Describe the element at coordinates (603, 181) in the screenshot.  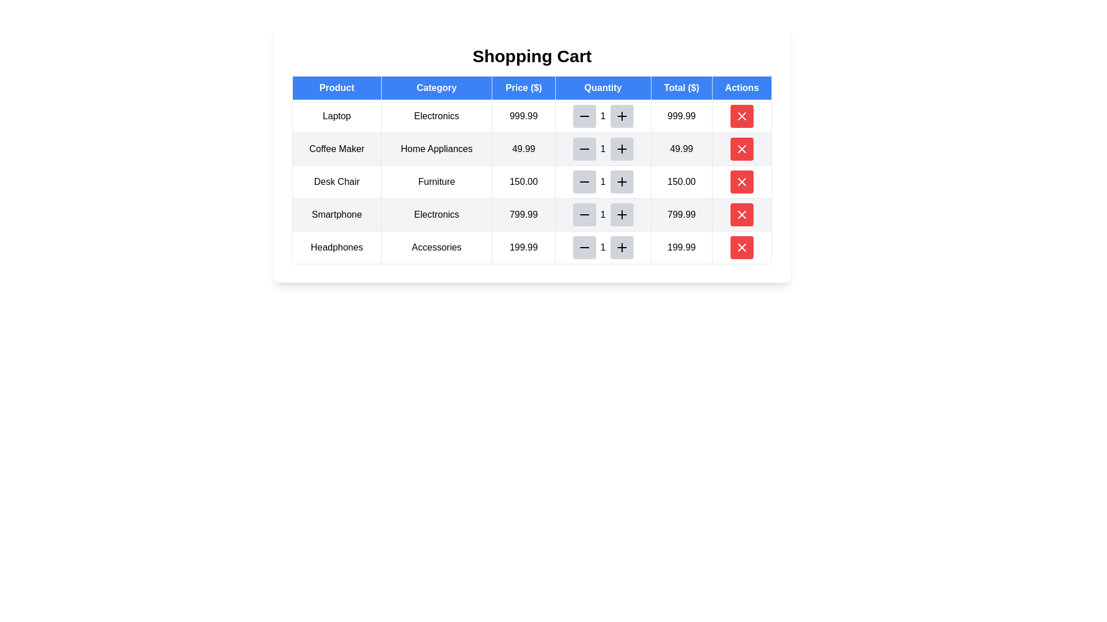
I see `text content of the 'Quantity' display for the 'Desk Chair' item in the shopping cart, located centrally between the increment and decrement buttons` at that location.